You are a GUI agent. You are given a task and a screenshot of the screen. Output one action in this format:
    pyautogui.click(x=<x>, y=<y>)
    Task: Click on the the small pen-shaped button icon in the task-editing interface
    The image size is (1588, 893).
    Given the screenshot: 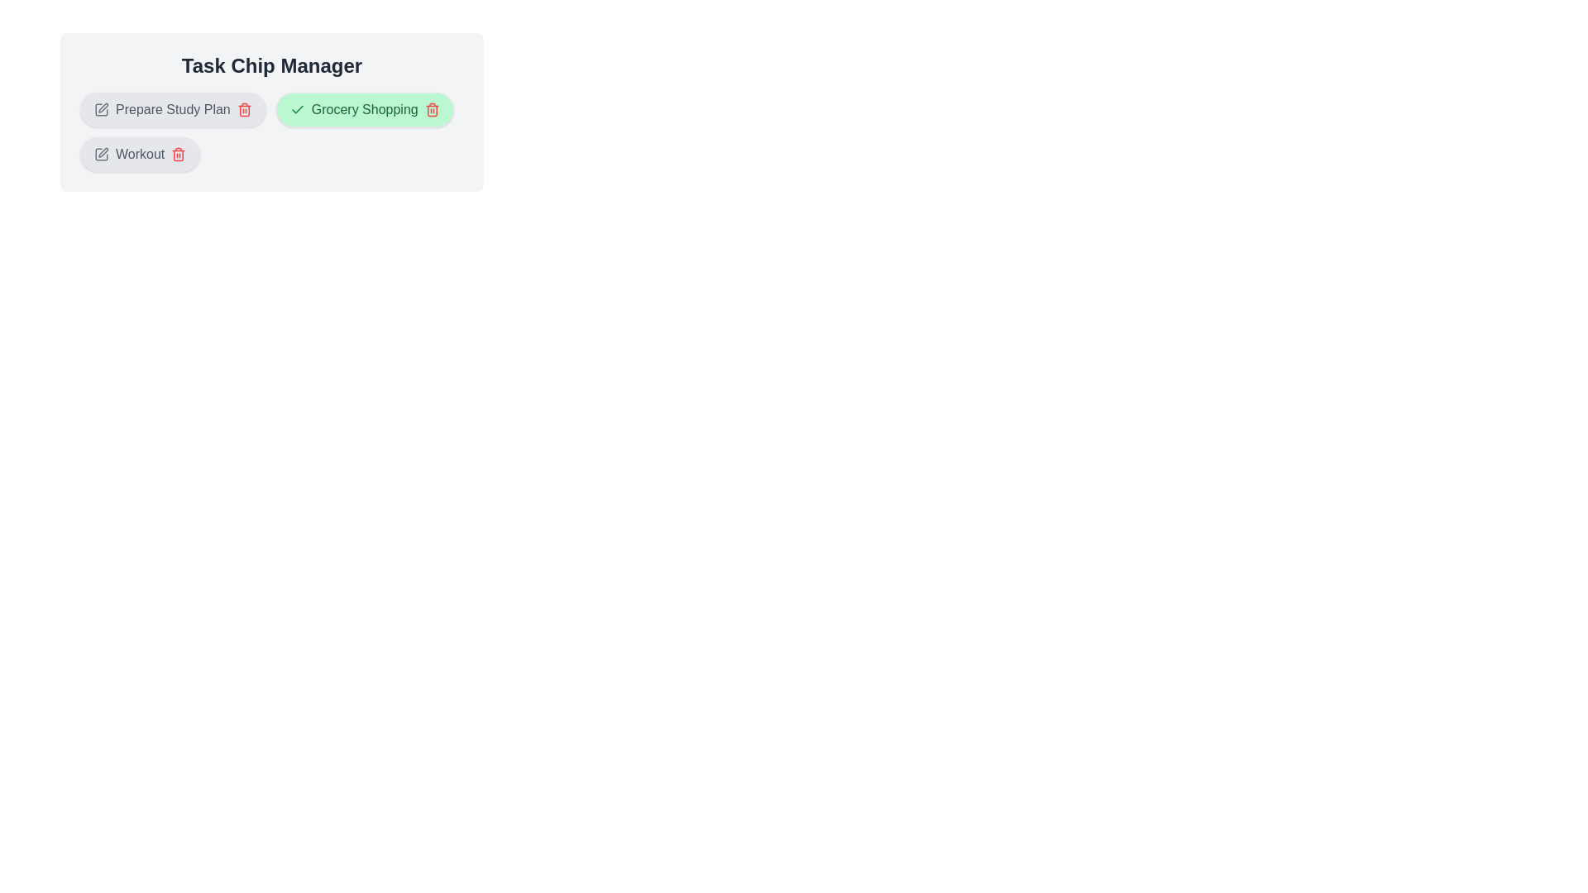 What is the action you would take?
    pyautogui.click(x=103, y=152)
    